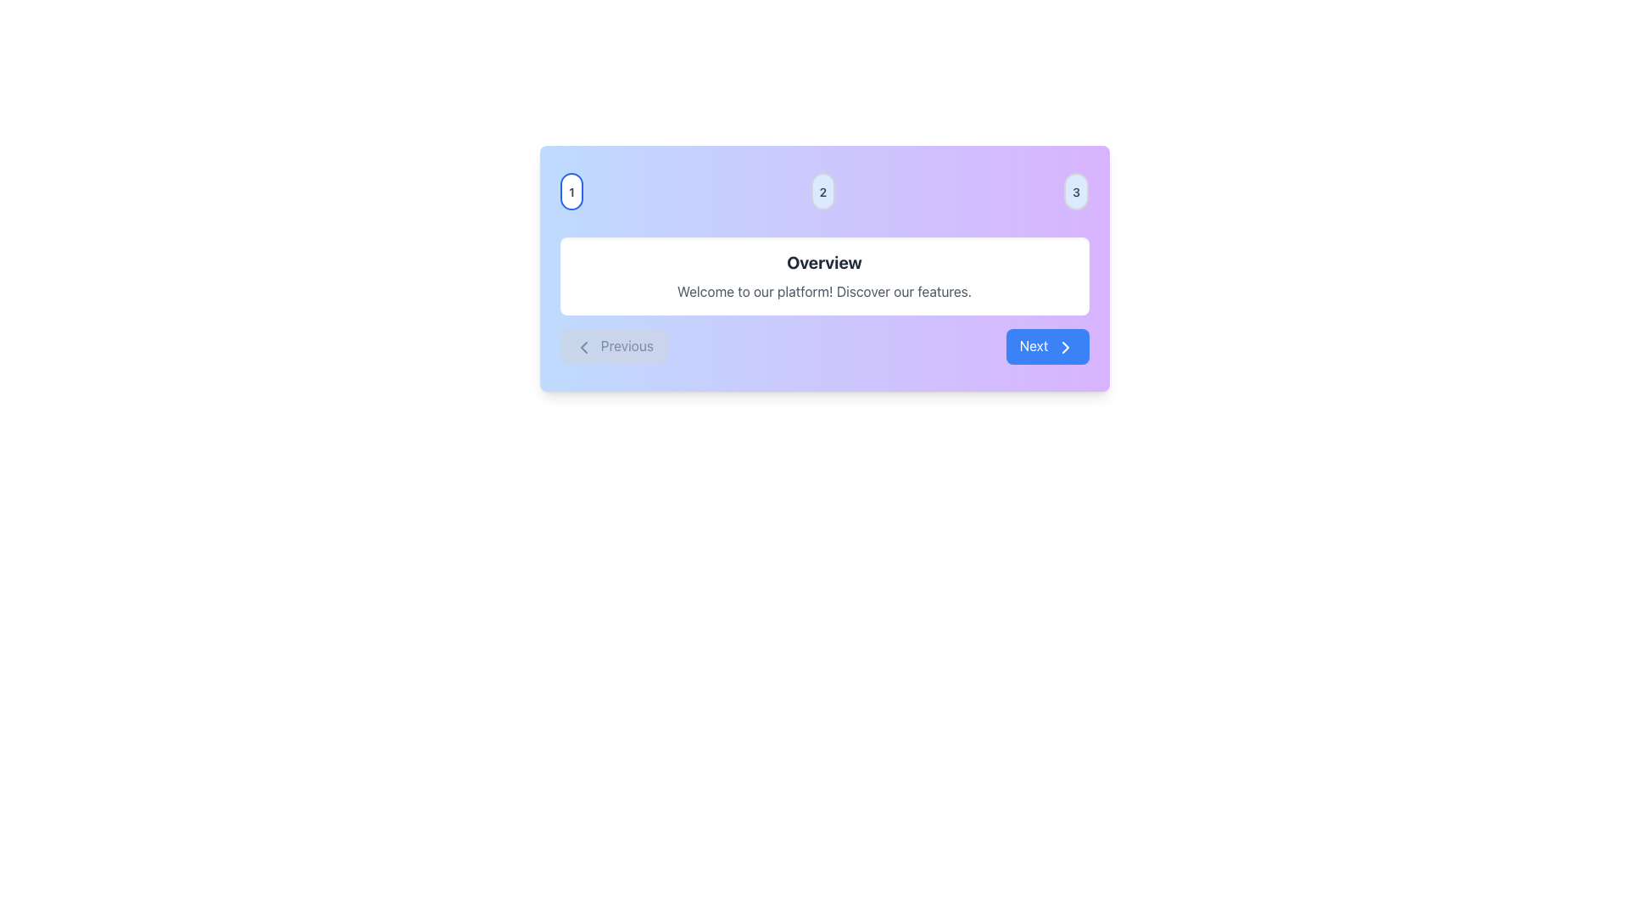 Image resolution: width=1628 pixels, height=916 pixels. I want to click on the circular step indicator button labeled '3', so click(1075, 191).